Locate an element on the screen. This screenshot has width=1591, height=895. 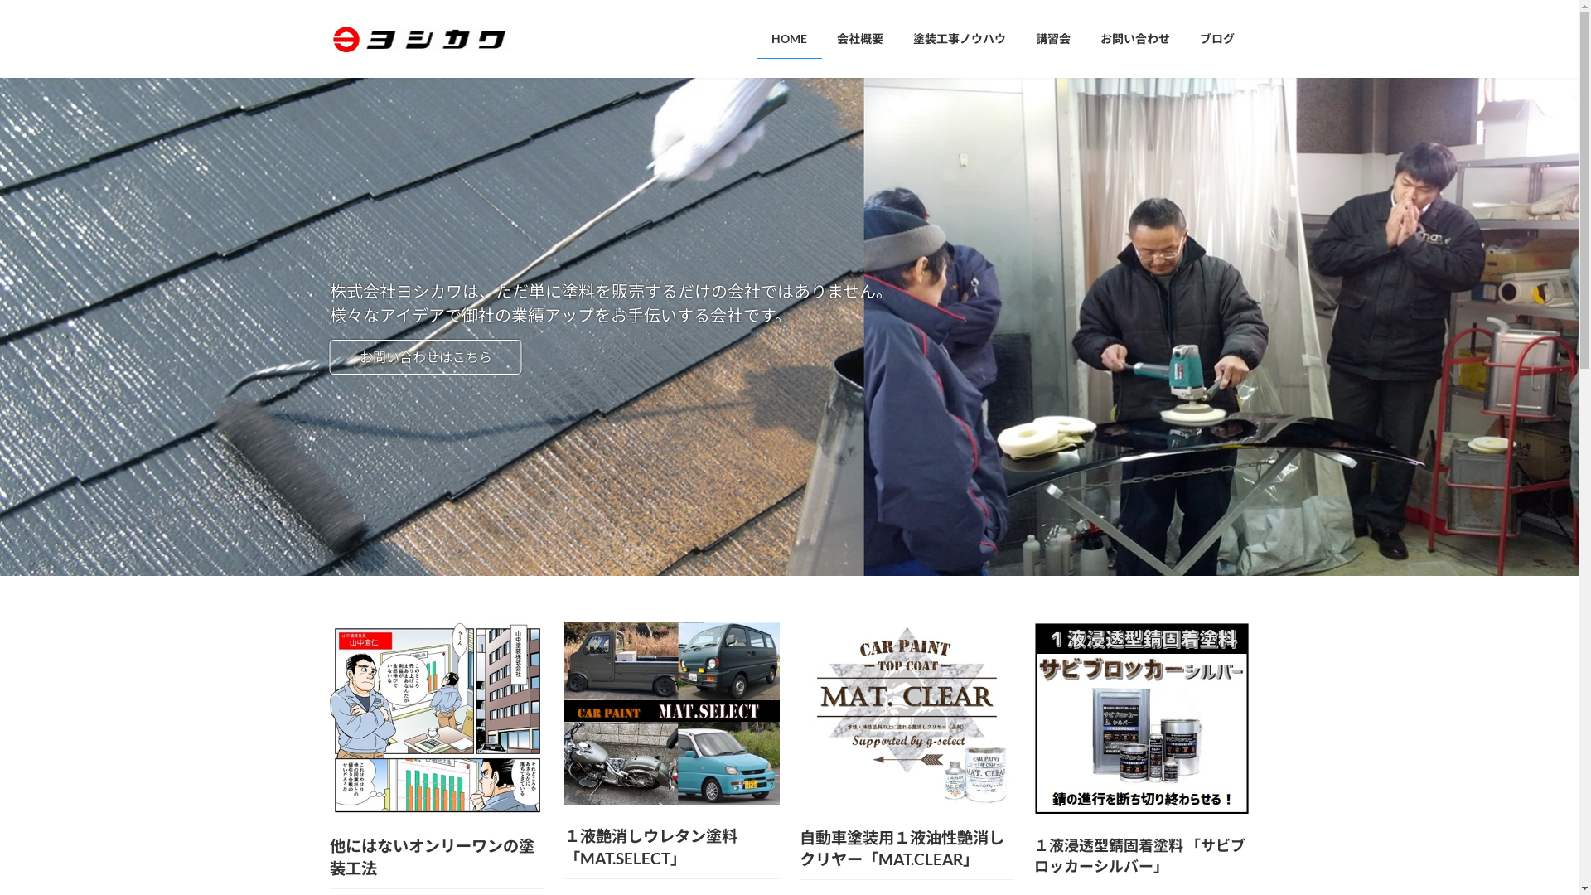
'HOME' is located at coordinates (787, 37).